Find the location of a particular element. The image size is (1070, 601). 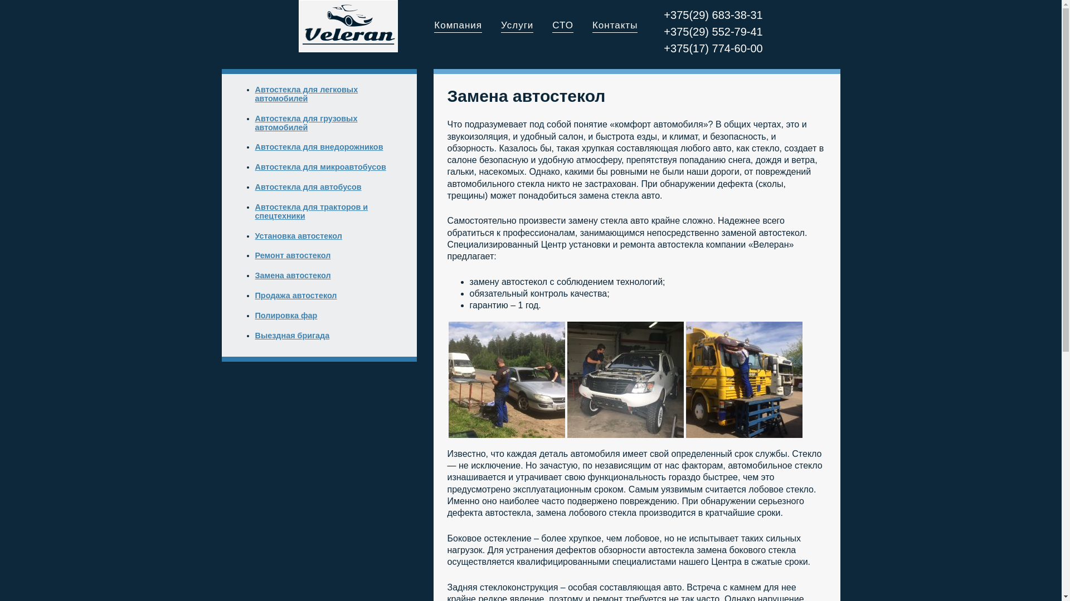

'+375(29) 552-79-41' is located at coordinates (712, 31).